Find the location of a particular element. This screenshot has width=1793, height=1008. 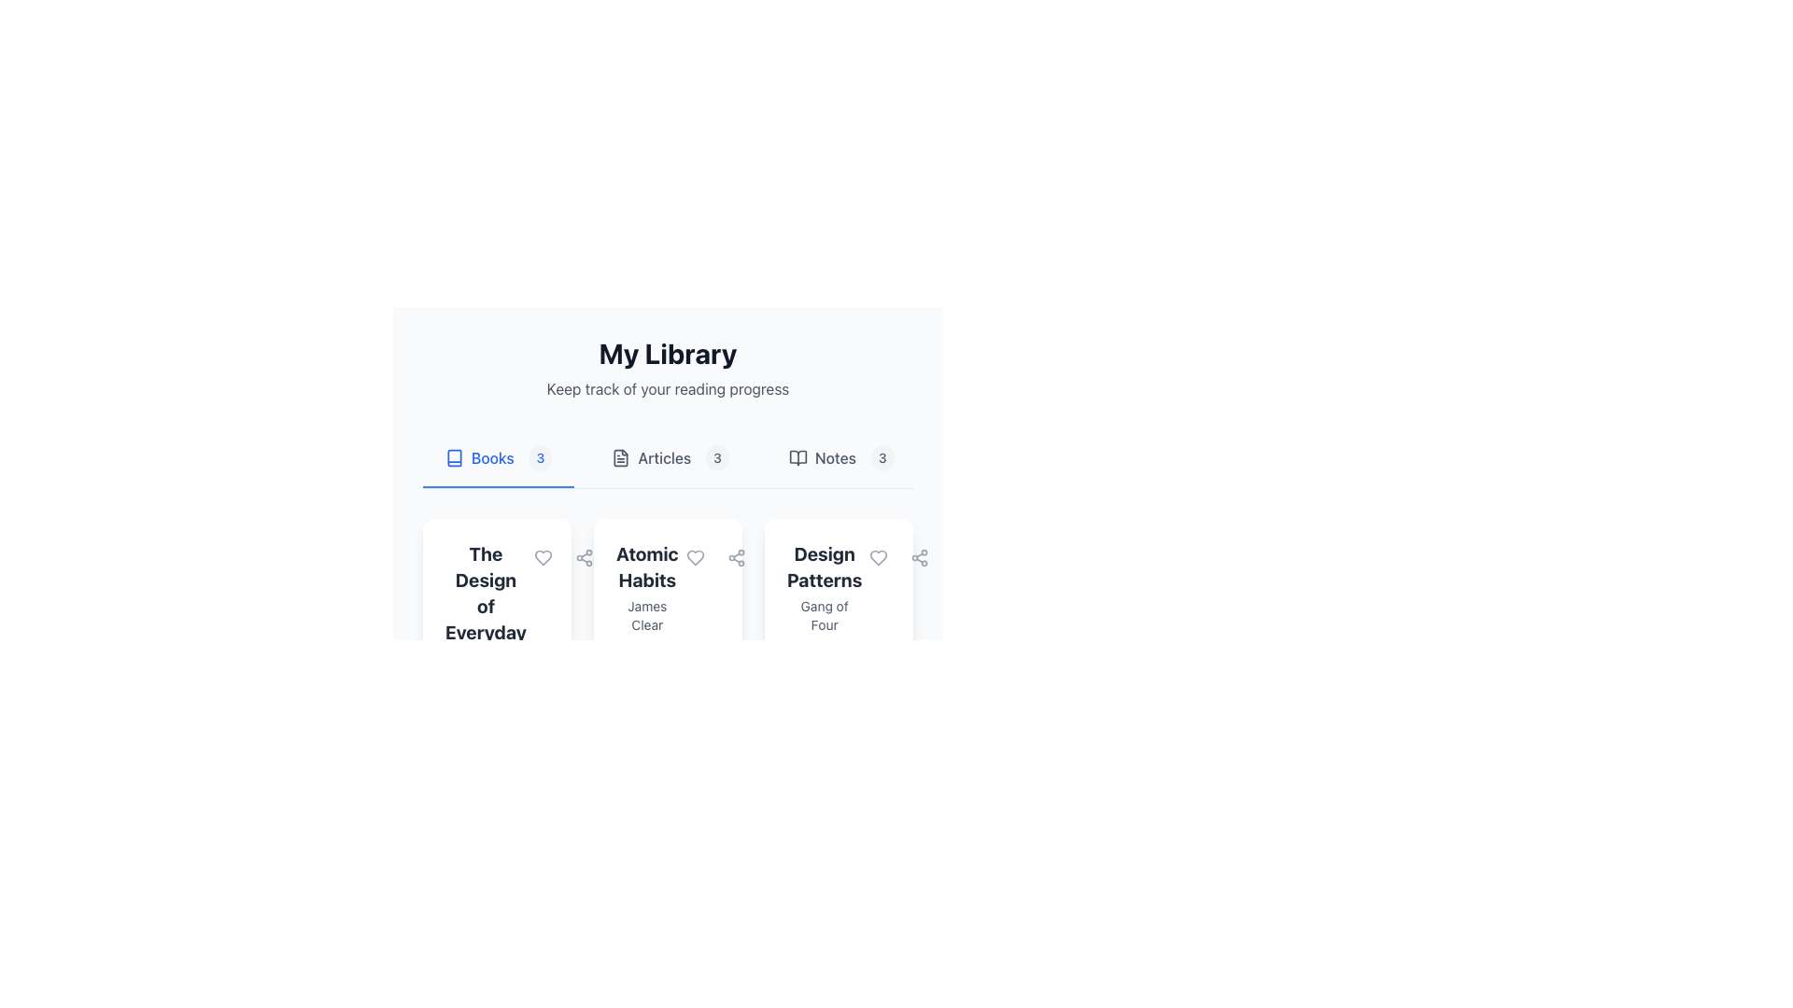

the 'Books' text label, which is styled in blue and located is located at coordinates (492, 457).